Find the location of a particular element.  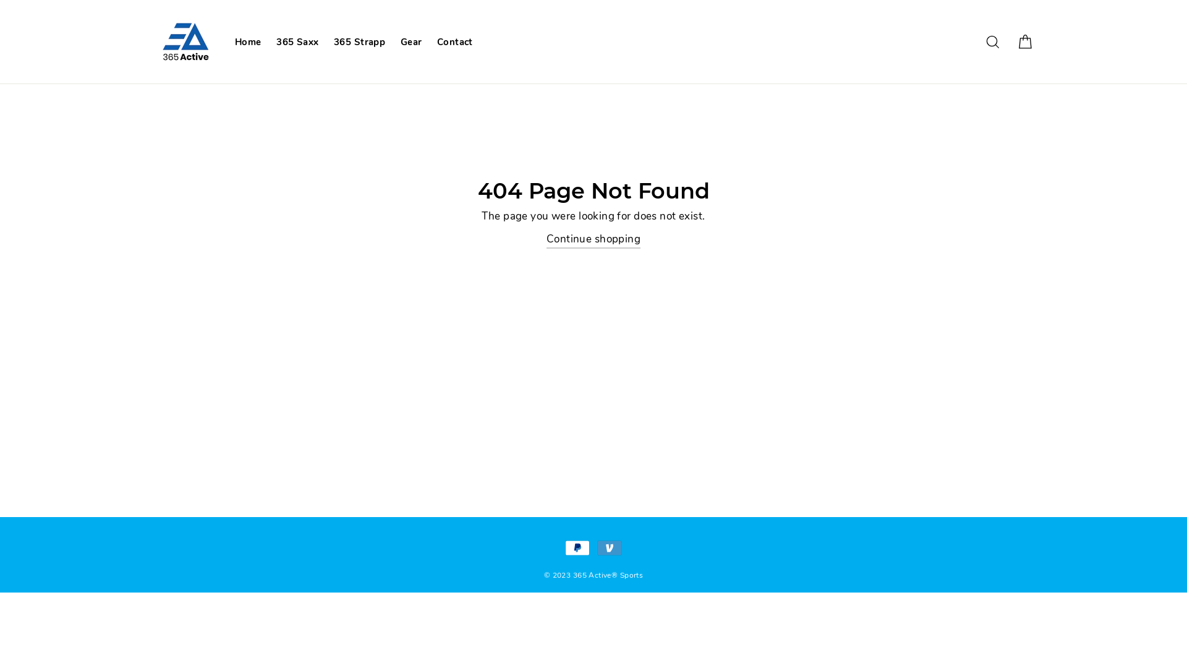

'365 Saxx' is located at coordinates (297, 41).